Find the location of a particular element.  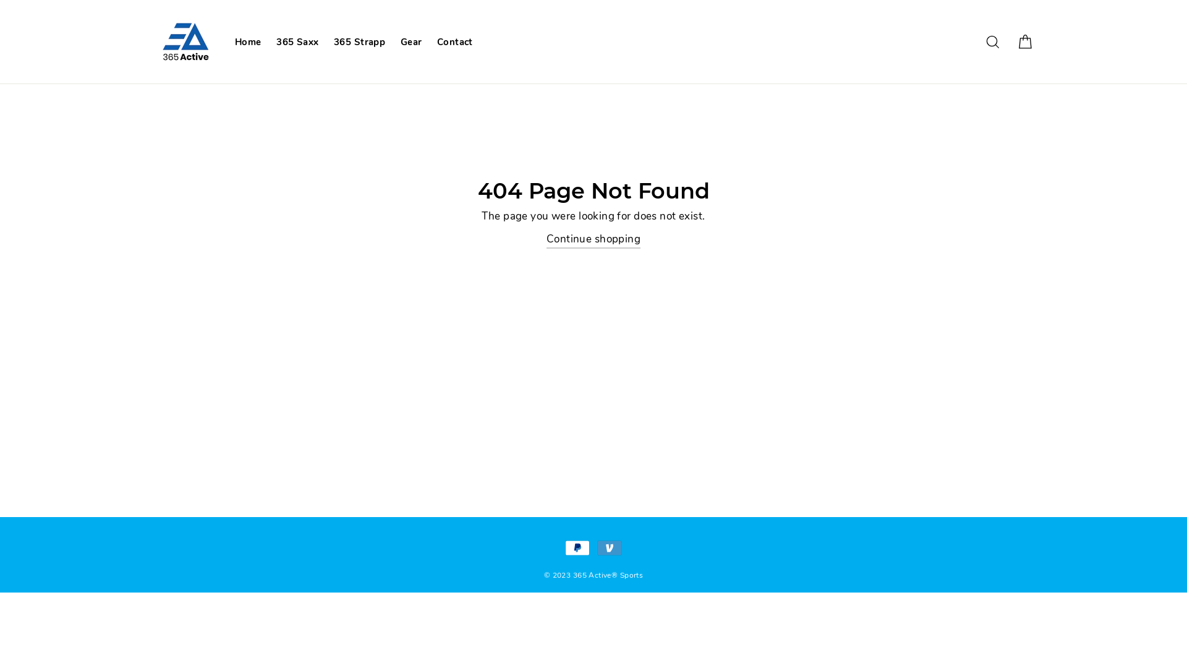

'365 Saxx' is located at coordinates (297, 41).